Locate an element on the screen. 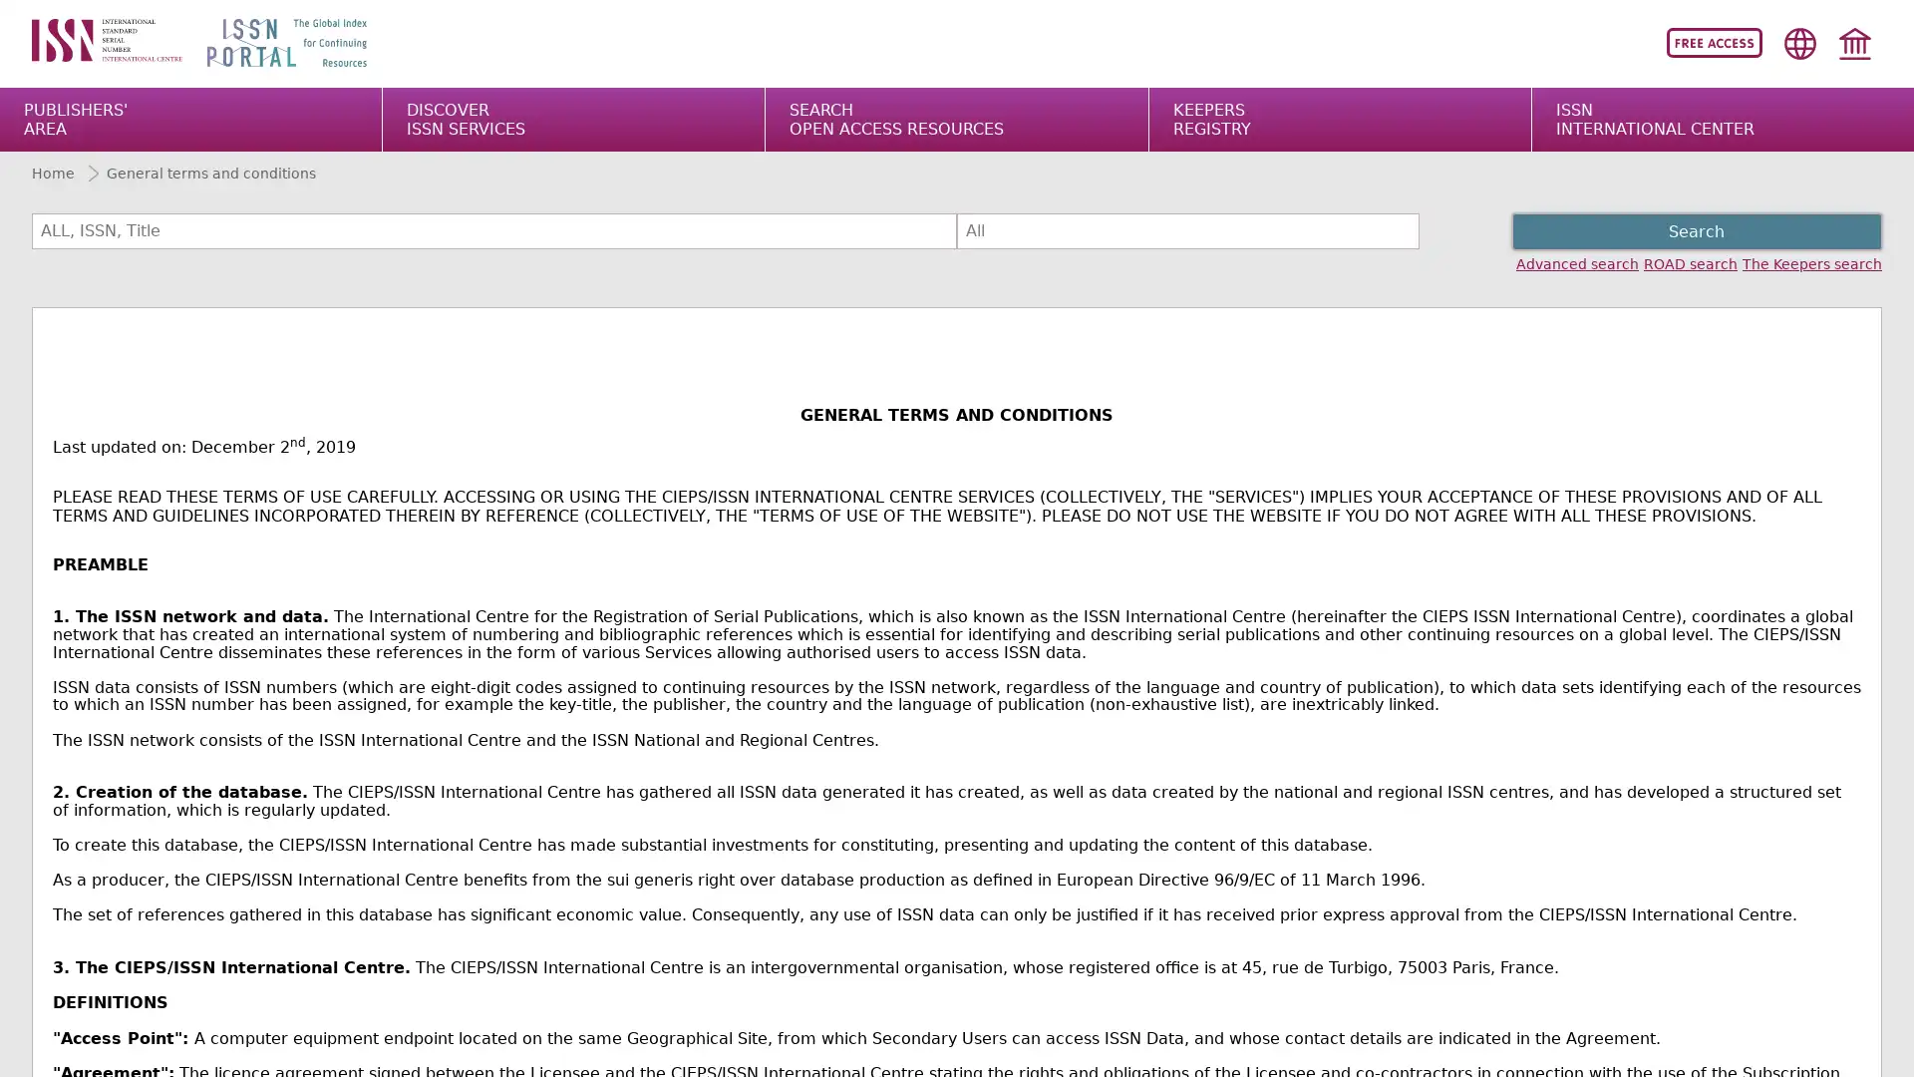 The image size is (1914, 1077). Search is located at coordinates (1696, 229).